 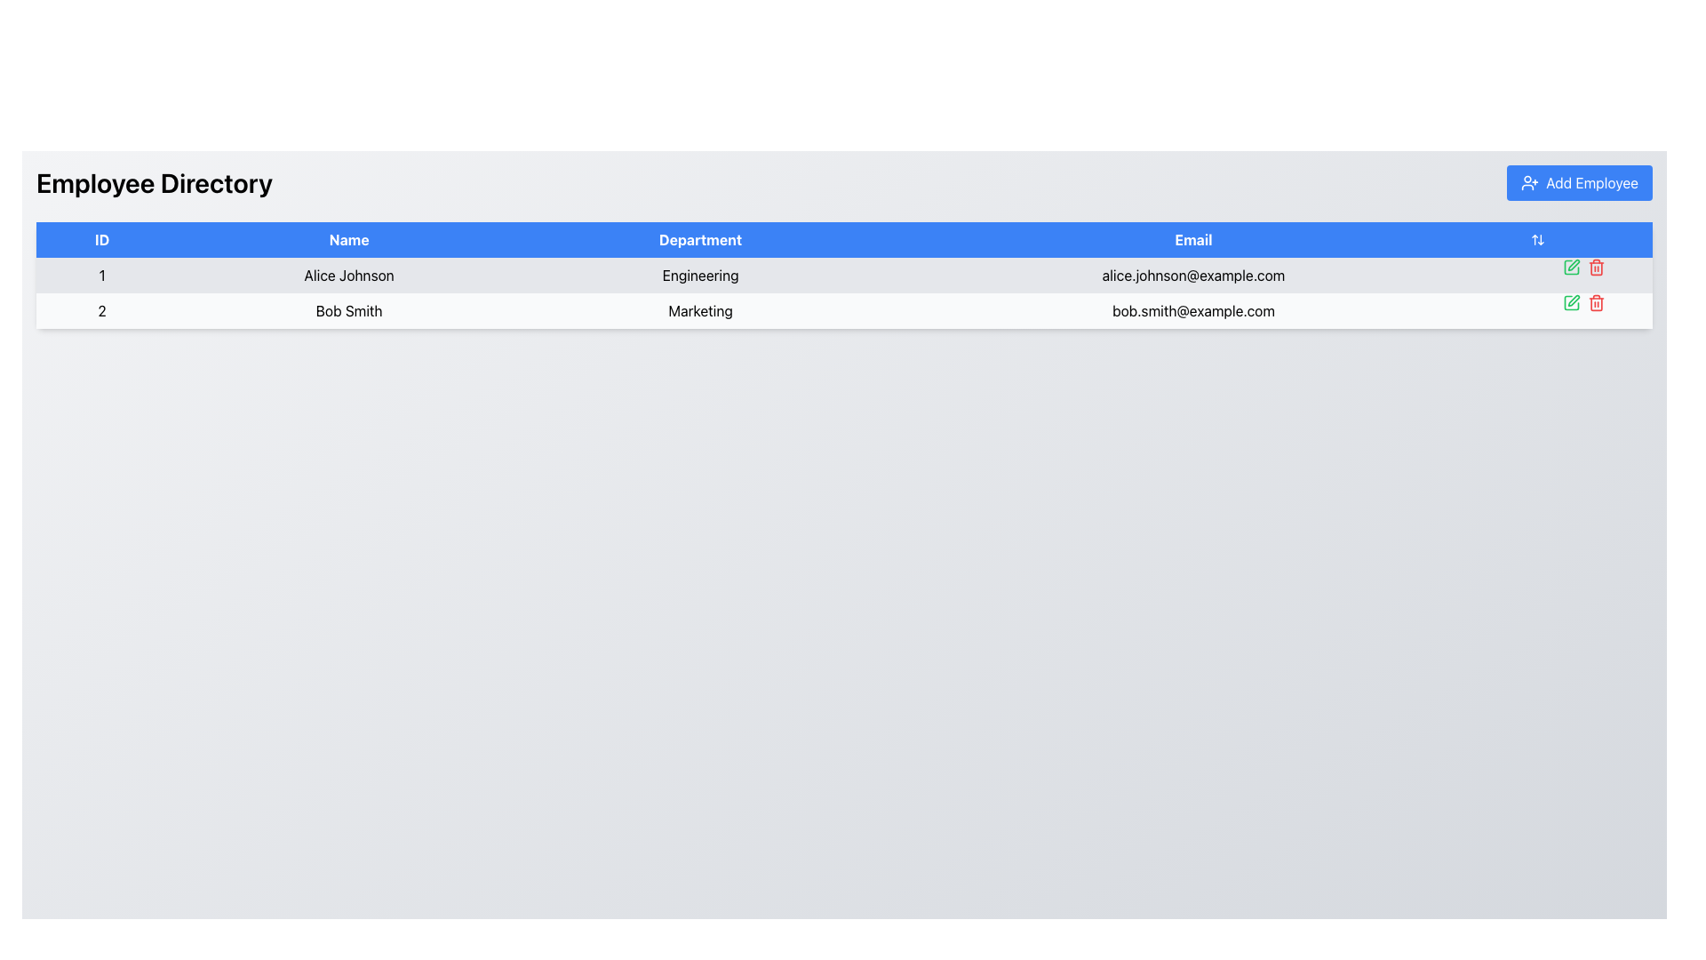 I want to click on the graphical icon that resembles a square outline with an open bottom-right area, located on the right side of the second row of the table within the 'Edit' button icon group, so click(x=1572, y=301).